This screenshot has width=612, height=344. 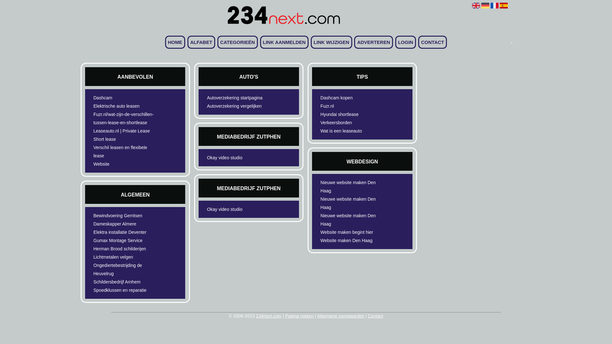 I want to click on 'Website maken begint hier', so click(x=351, y=232).